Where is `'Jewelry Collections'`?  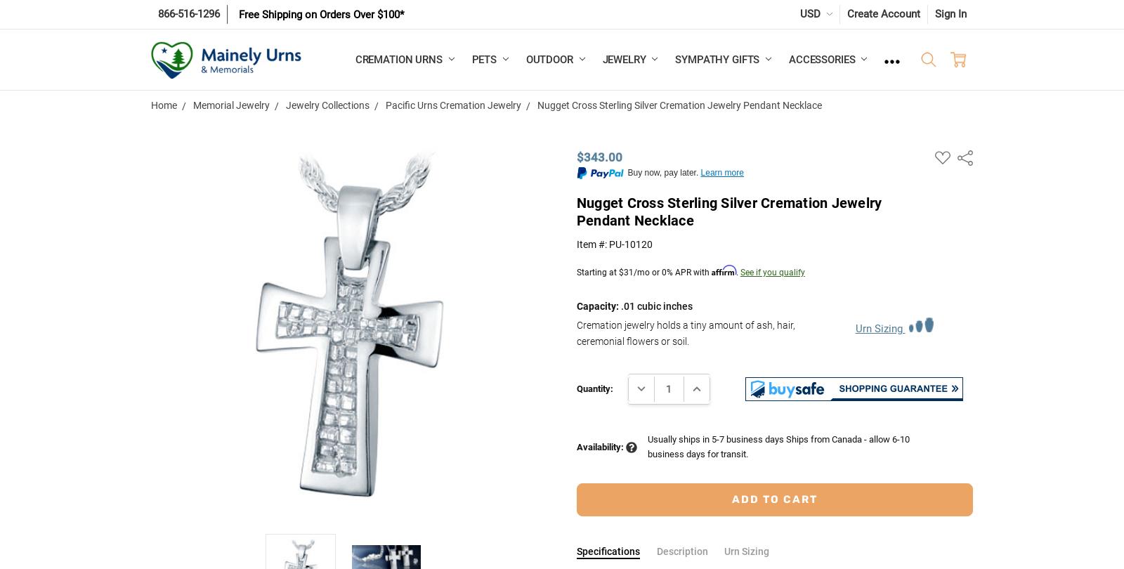 'Jewelry Collections' is located at coordinates (326, 105).